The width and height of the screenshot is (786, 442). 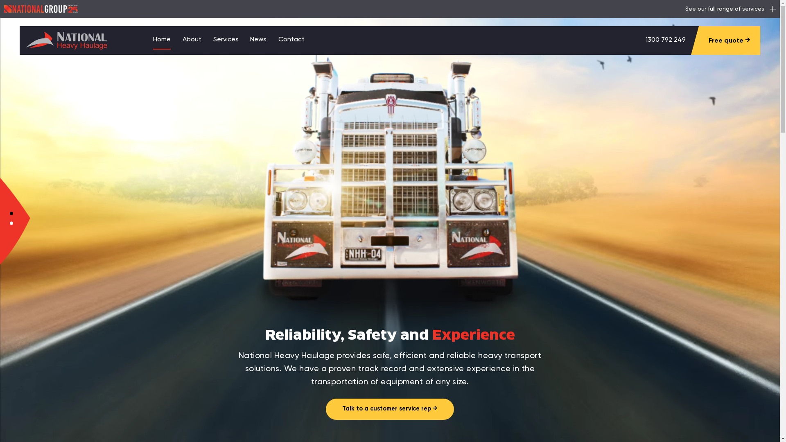 What do you see at coordinates (213, 40) in the screenshot?
I see `'Services'` at bounding box center [213, 40].